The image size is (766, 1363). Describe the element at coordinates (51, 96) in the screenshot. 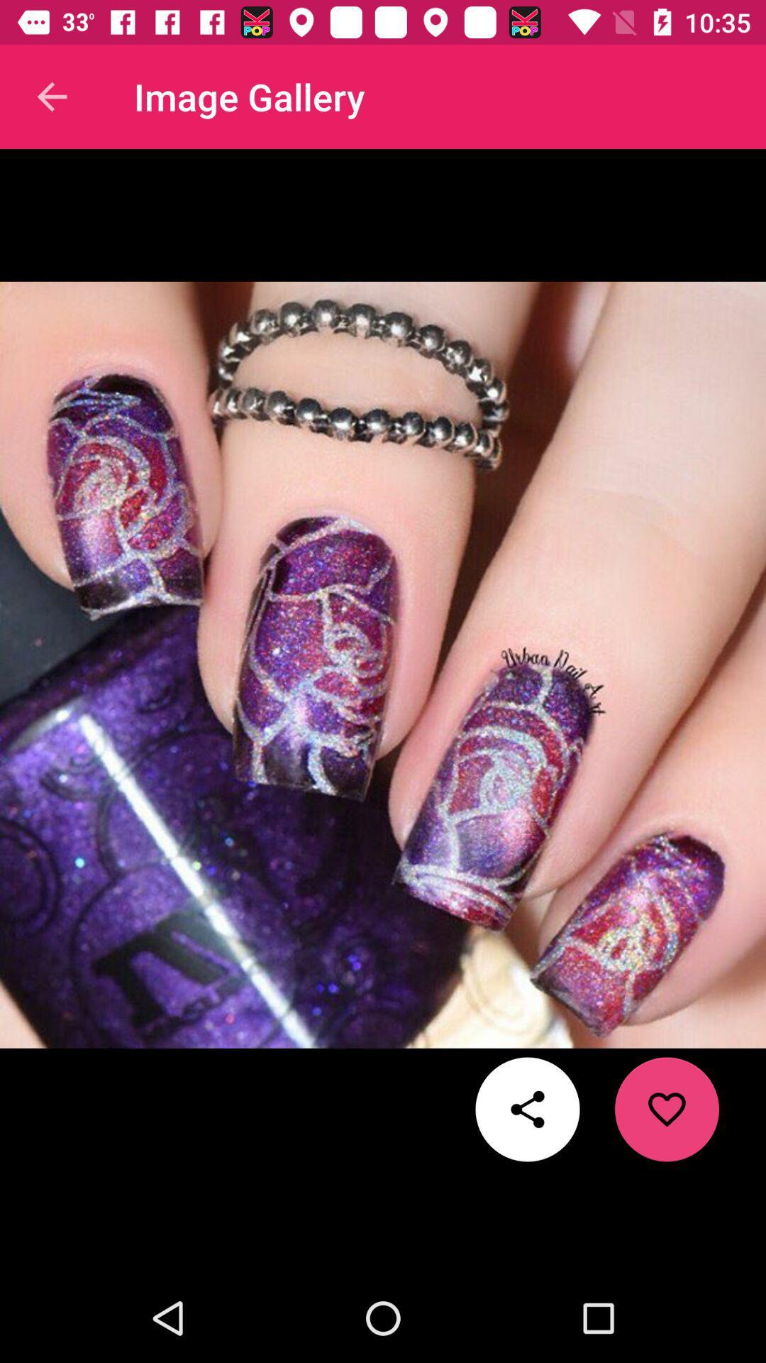

I see `the icon to the left of image gallery item` at that location.